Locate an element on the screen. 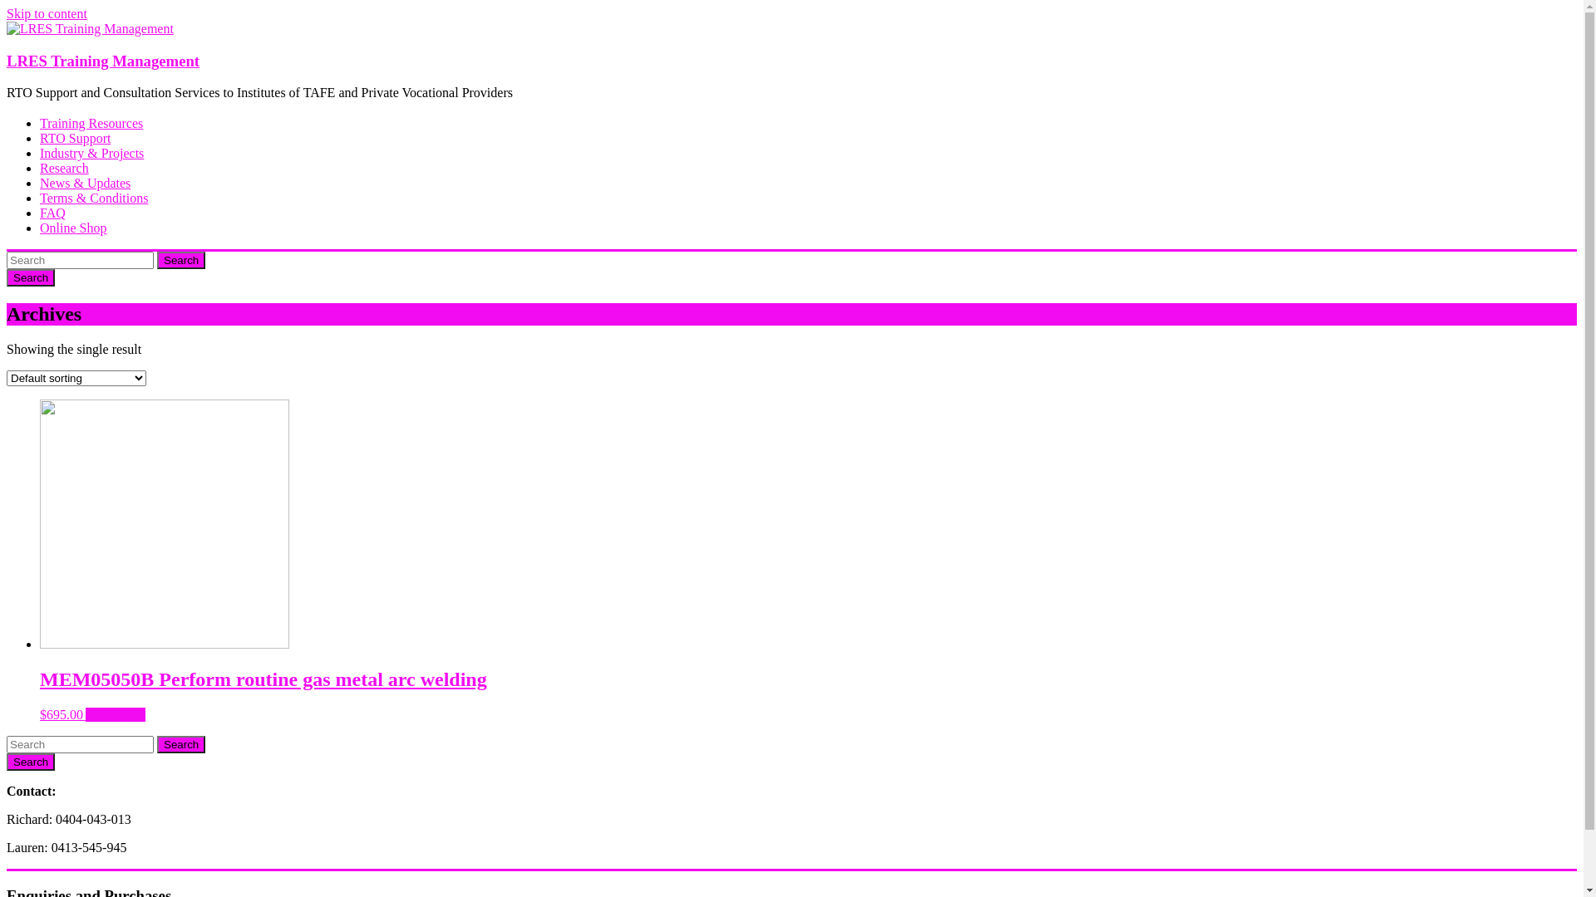 This screenshot has height=897, width=1596. 'LRES Training Management' is located at coordinates (102, 60).